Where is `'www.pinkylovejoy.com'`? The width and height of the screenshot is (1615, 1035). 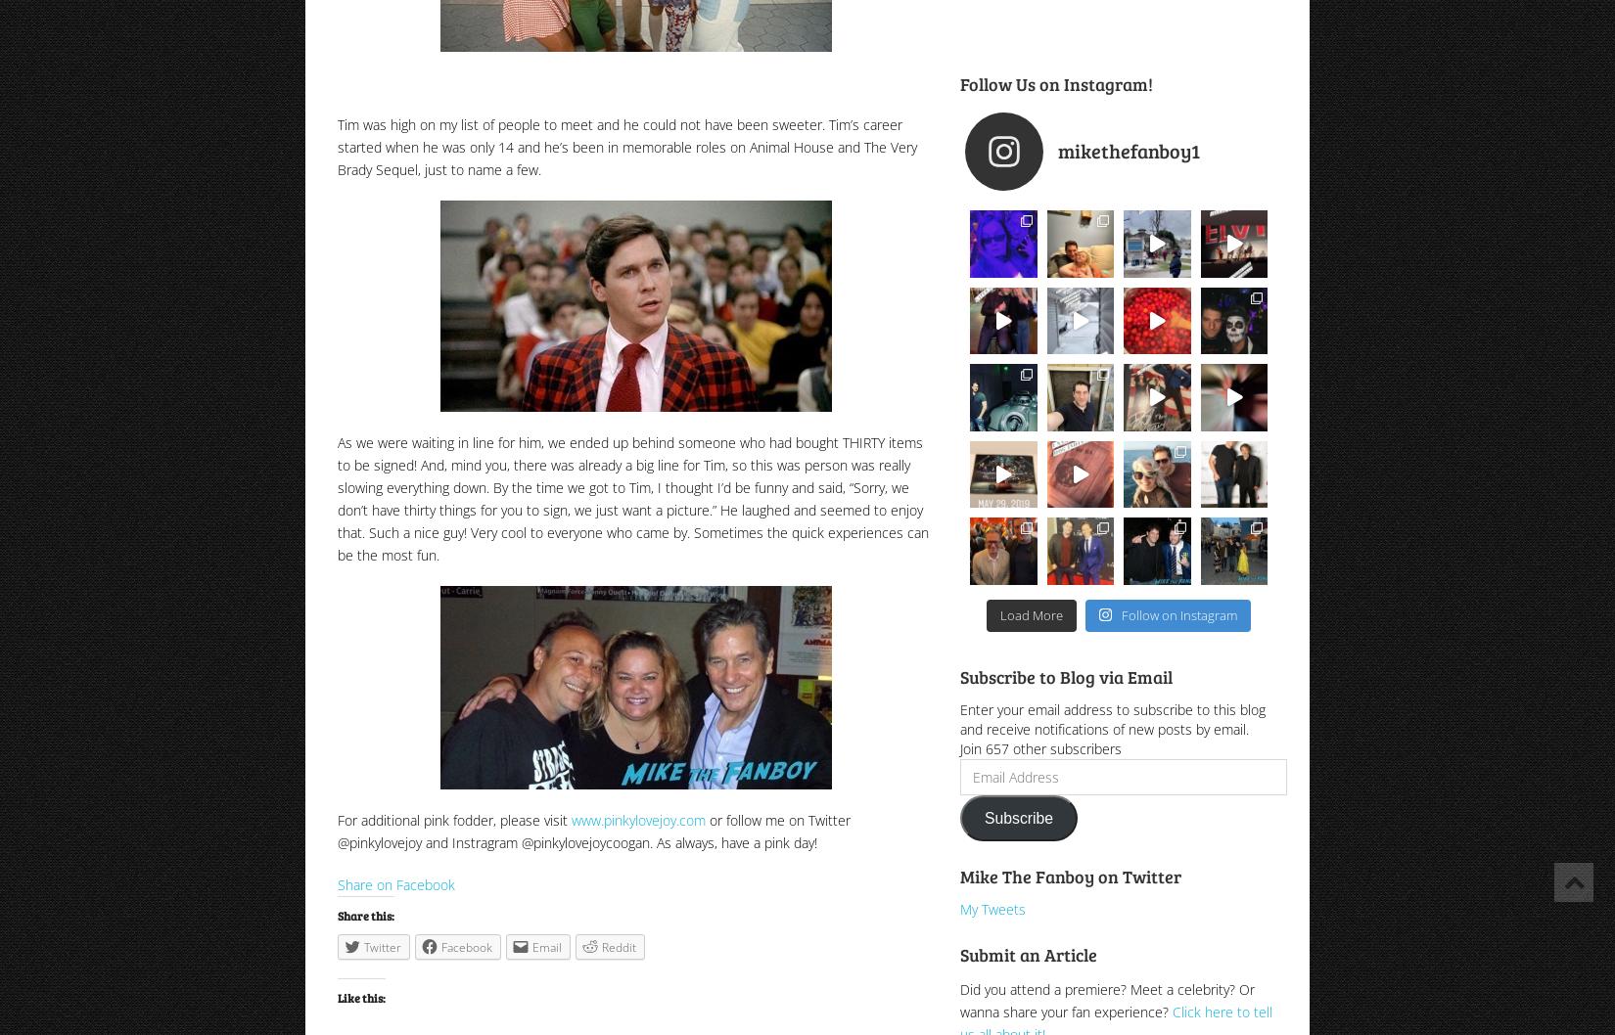 'www.pinkylovejoy.com' is located at coordinates (637, 819).